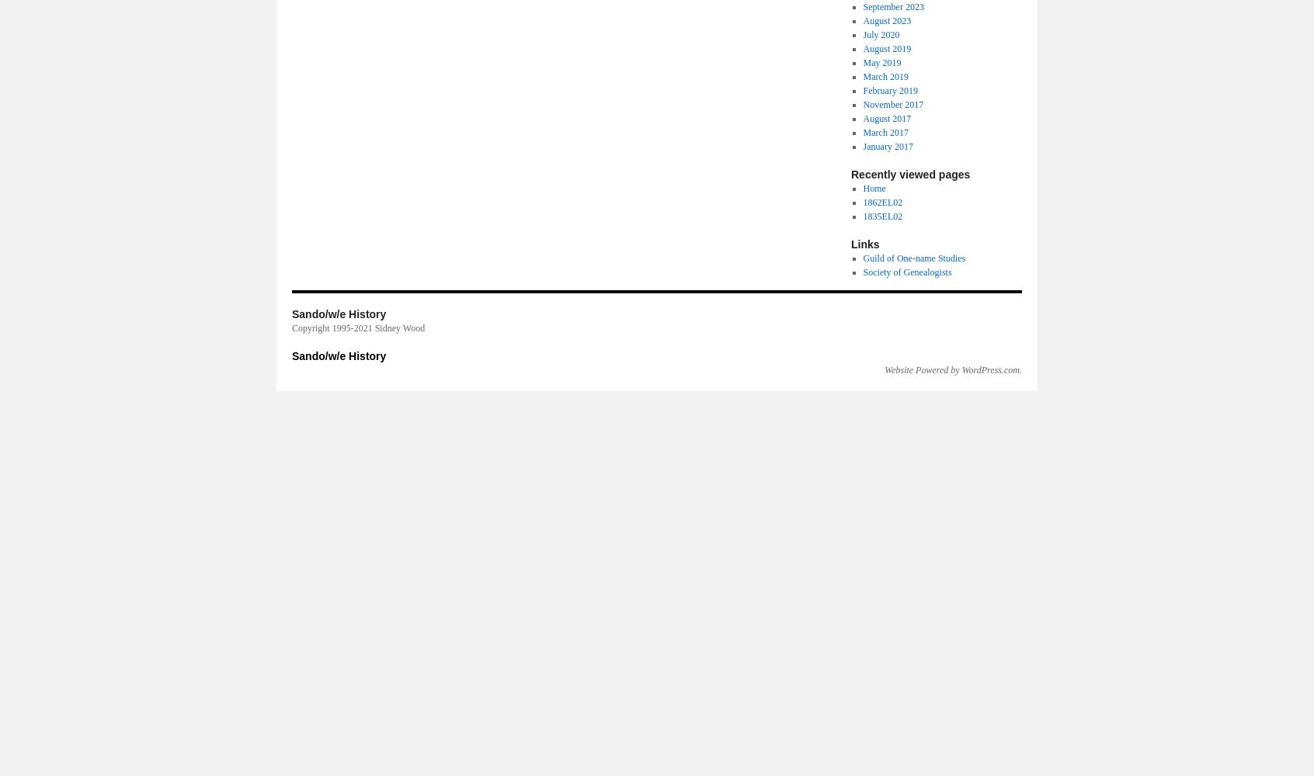 The image size is (1314, 776). What do you see at coordinates (851, 174) in the screenshot?
I see `'Recently viewed pages'` at bounding box center [851, 174].